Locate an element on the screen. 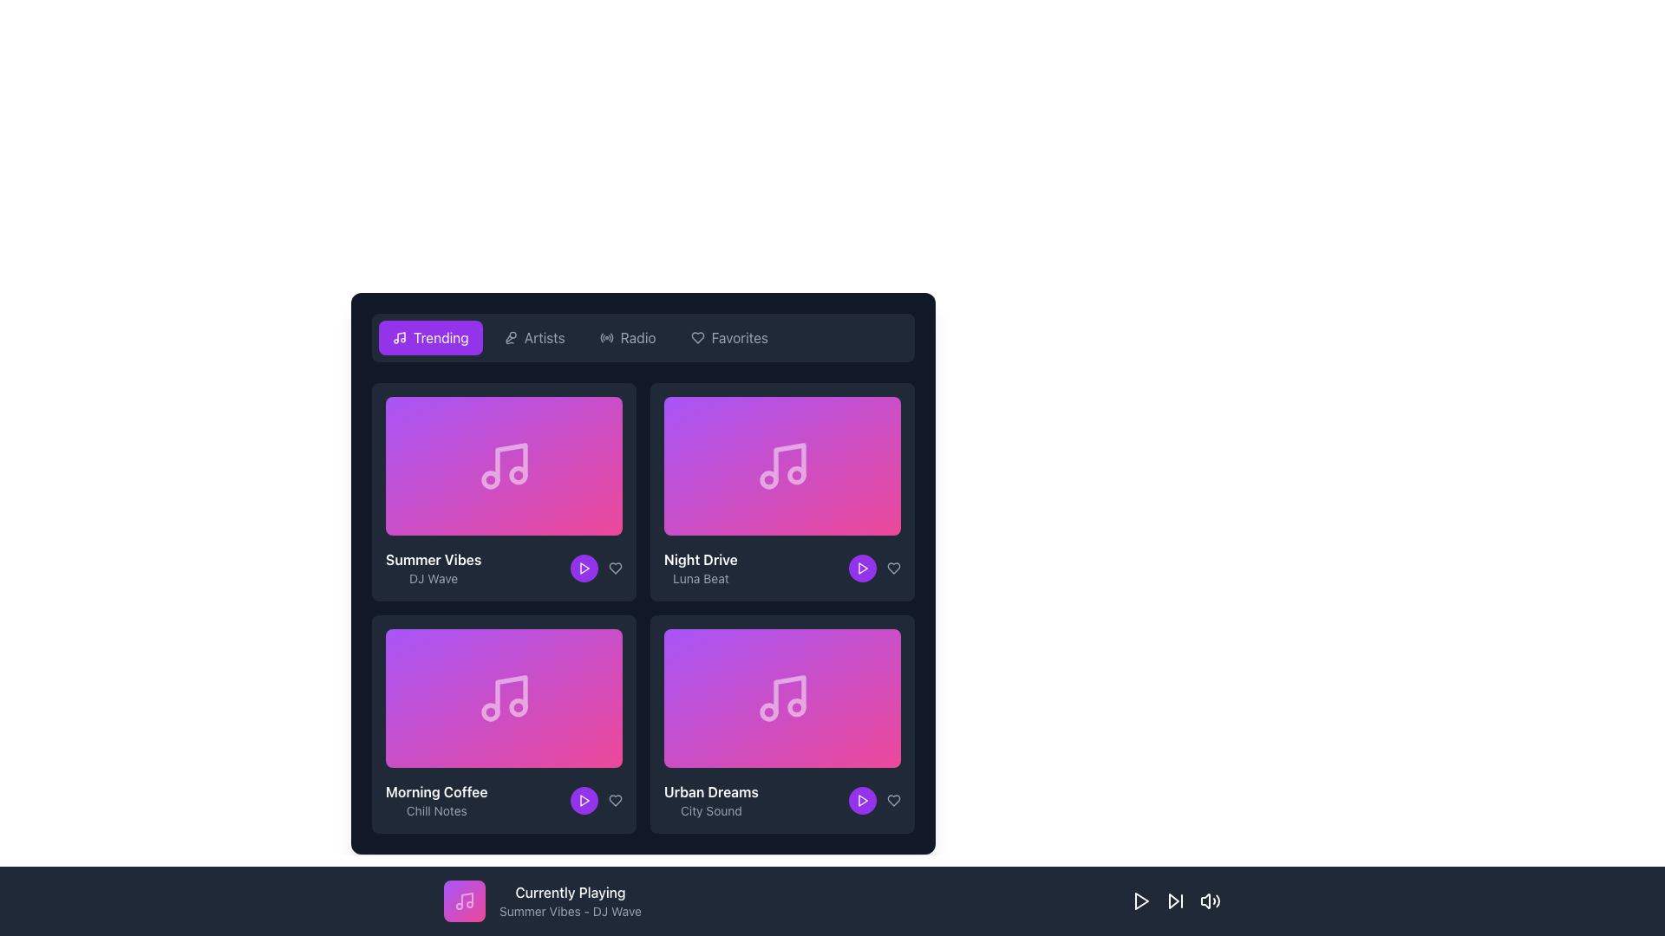 The image size is (1665, 936). the second circle in the SVG music note icon within the 'Morning Coffee' card located at the bottom left side of the grid is located at coordinates (517, 707).